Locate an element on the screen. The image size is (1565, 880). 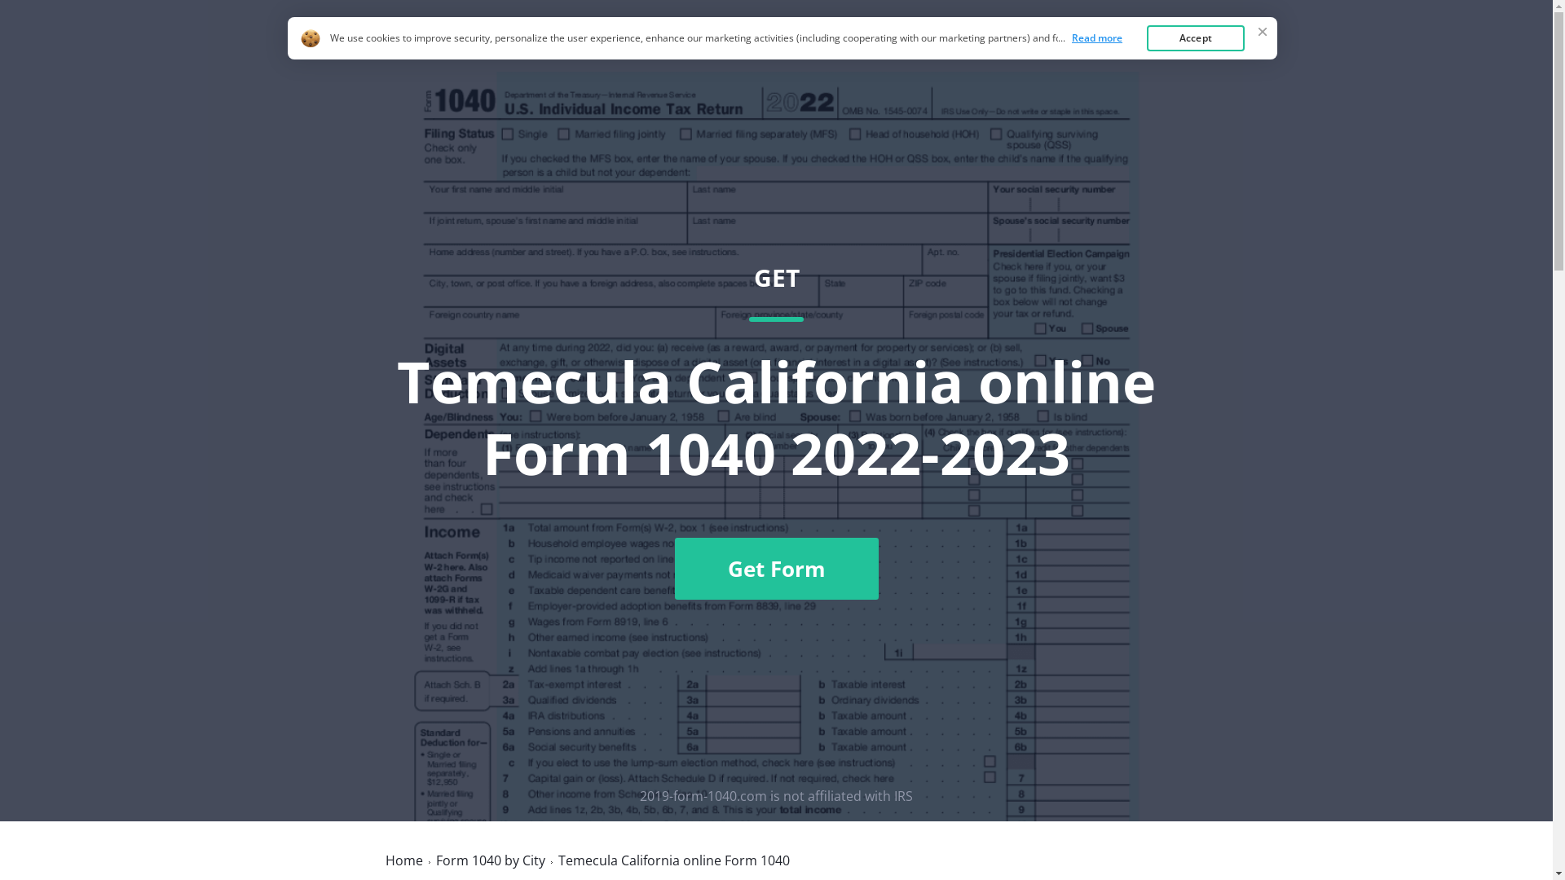
'Home' is located at coordinates (403, 860).